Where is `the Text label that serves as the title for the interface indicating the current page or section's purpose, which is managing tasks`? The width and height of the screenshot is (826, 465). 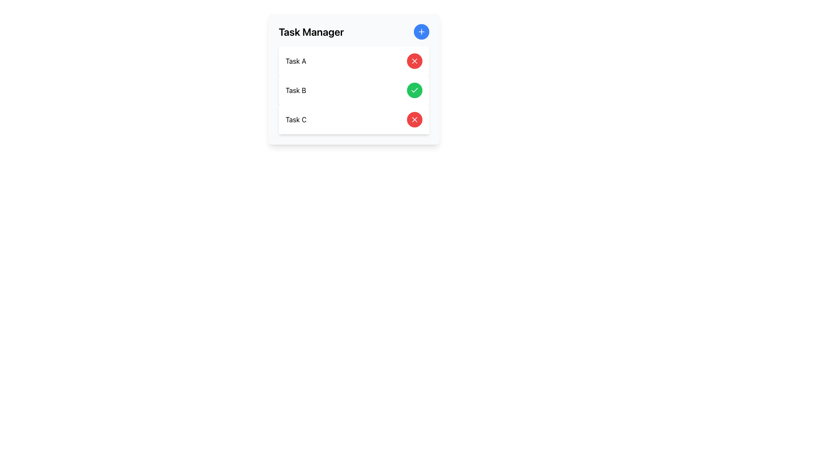
the Text label that serves as the title for the interface indicating the current page or section's purpose, which is managing tasks is located at coordinates (311, 31).